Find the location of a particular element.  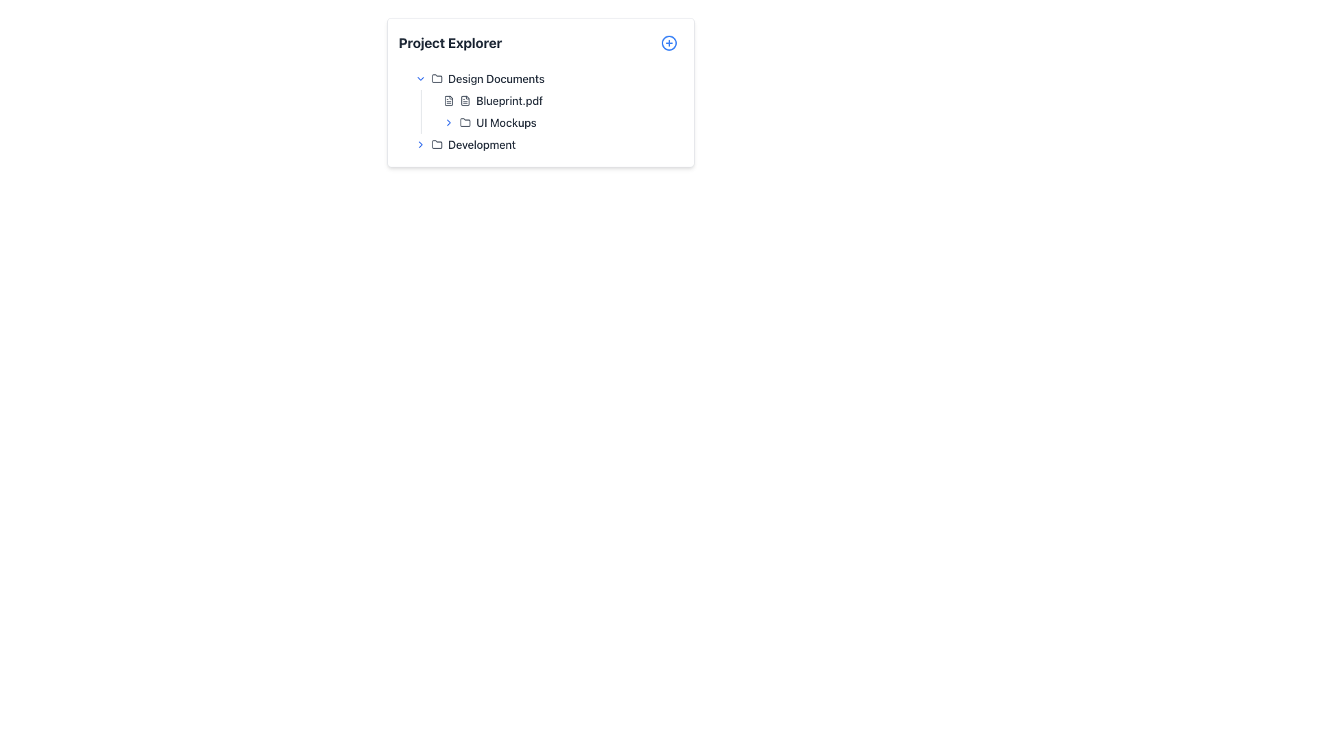

the file/folder icons within the 'Design Documents' subsection of the file explorer is located at coordinates (540, 110).